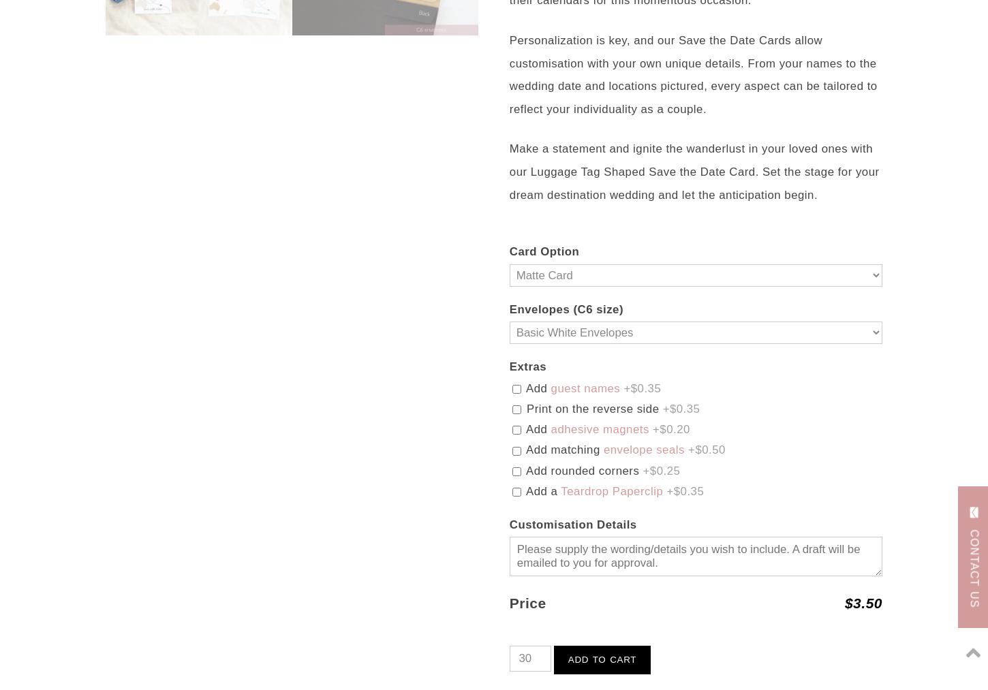  I want to click on 'Add to cart', so click(601, 659).